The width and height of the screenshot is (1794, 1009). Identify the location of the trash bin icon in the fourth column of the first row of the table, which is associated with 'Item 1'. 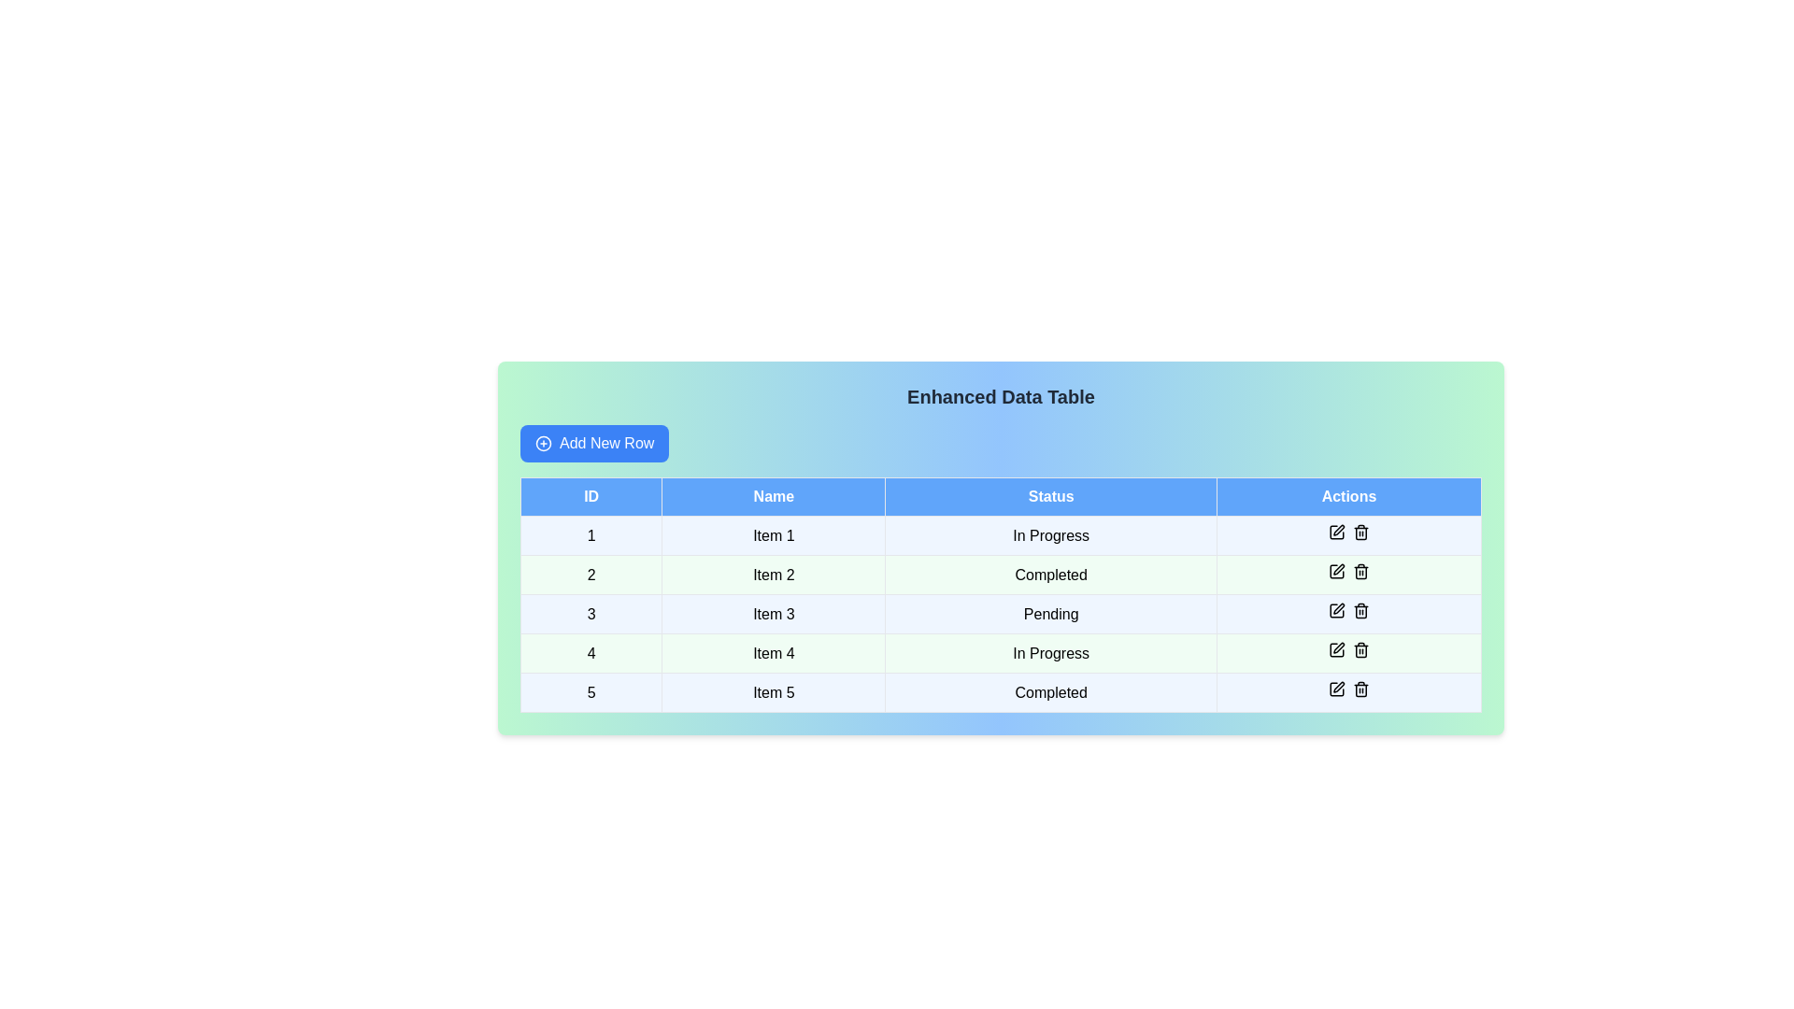
(1349, 535).